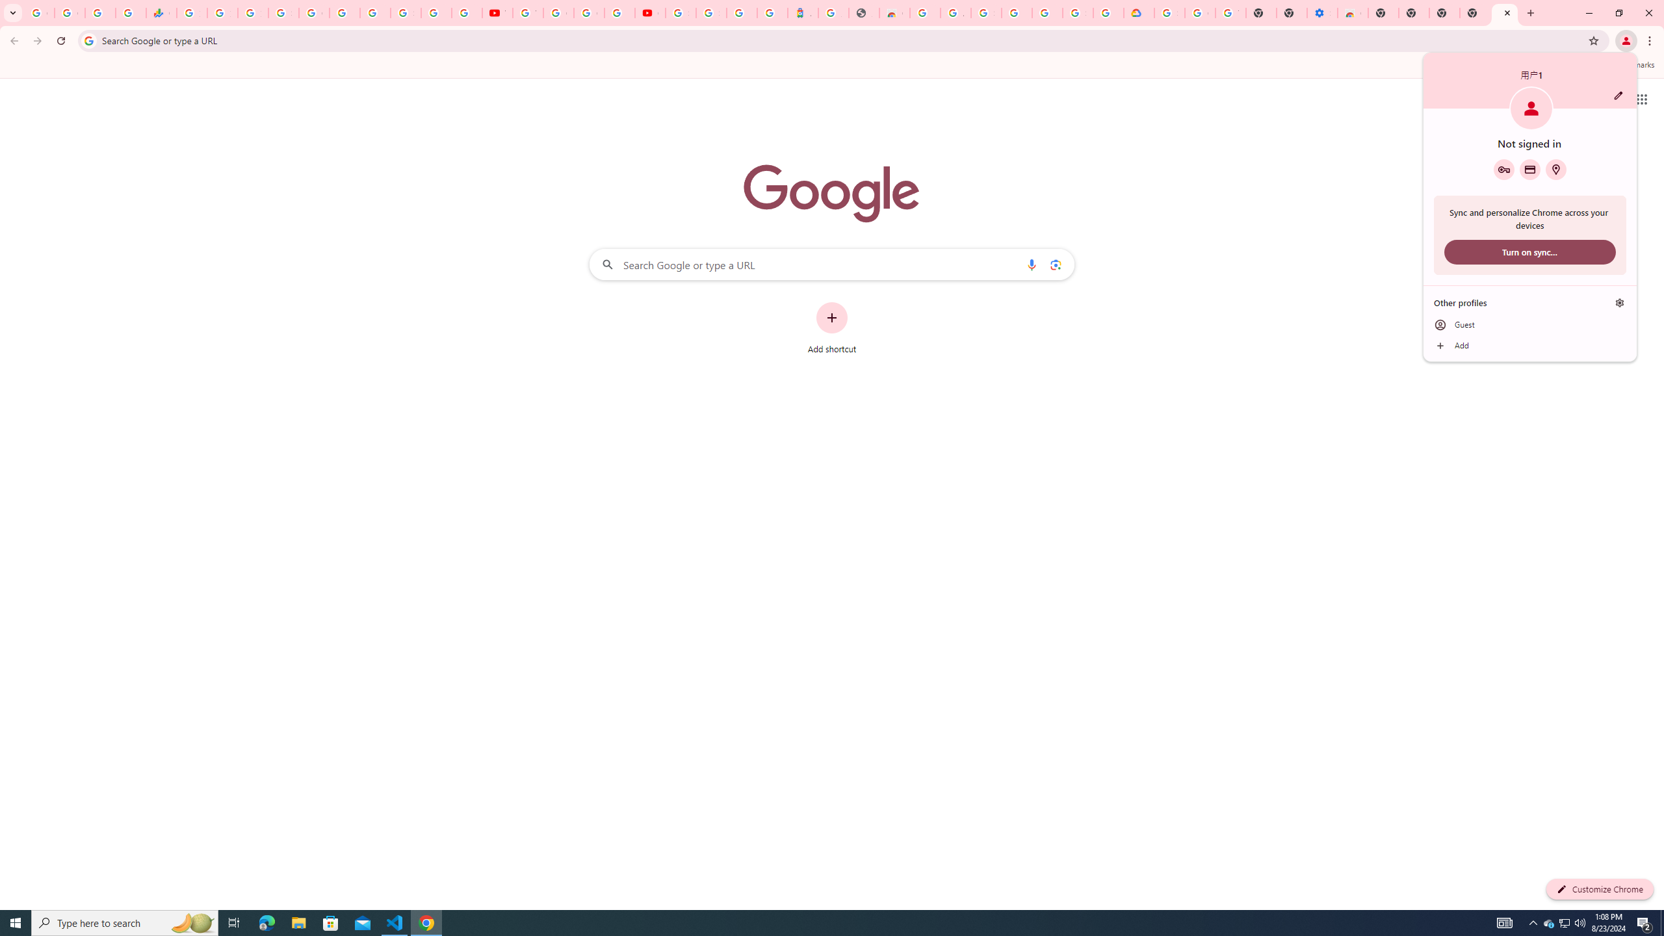 The image size is (1664, 936). I want to click on 'Manage profiles', so click(1619, 303).